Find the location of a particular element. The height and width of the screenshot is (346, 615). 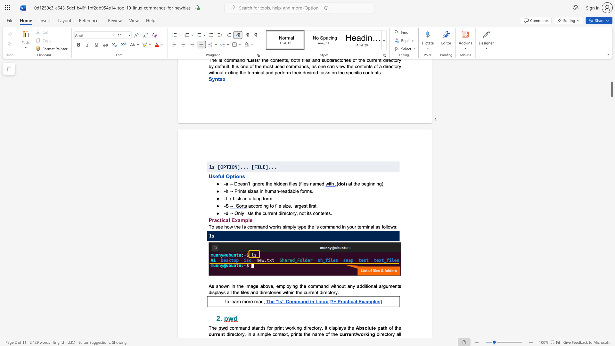

the 1th character "s" in the text is located at coordinates (333, 328).